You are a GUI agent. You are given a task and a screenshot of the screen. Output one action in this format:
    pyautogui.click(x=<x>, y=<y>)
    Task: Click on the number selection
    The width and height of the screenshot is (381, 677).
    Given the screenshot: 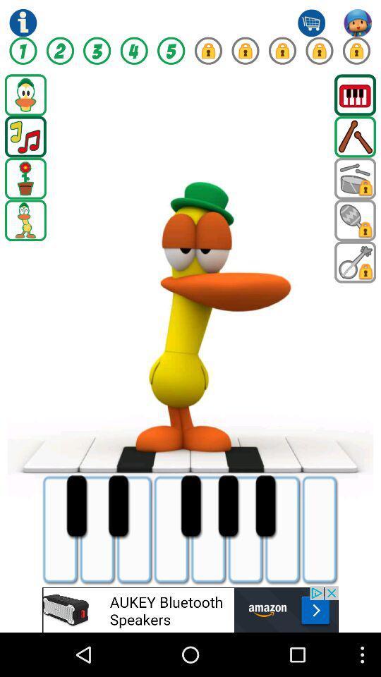 What is the action you would take?
    pyautogui.click(x=22, y=51)
    